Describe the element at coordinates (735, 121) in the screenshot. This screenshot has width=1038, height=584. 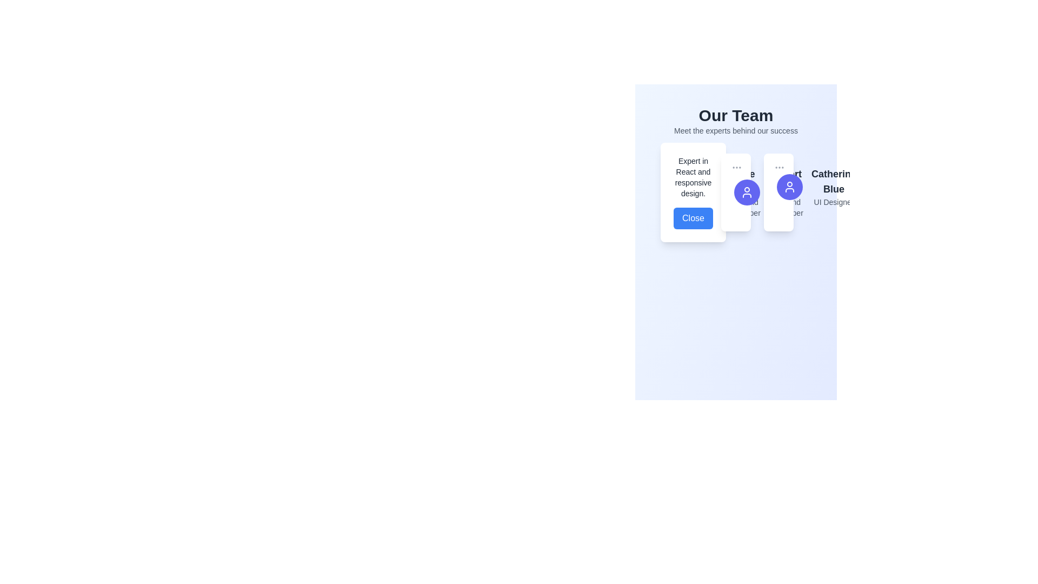
I see `the Text header with subtitle located in the upper-central area of the layout, which introduces the section about team members` at that location.